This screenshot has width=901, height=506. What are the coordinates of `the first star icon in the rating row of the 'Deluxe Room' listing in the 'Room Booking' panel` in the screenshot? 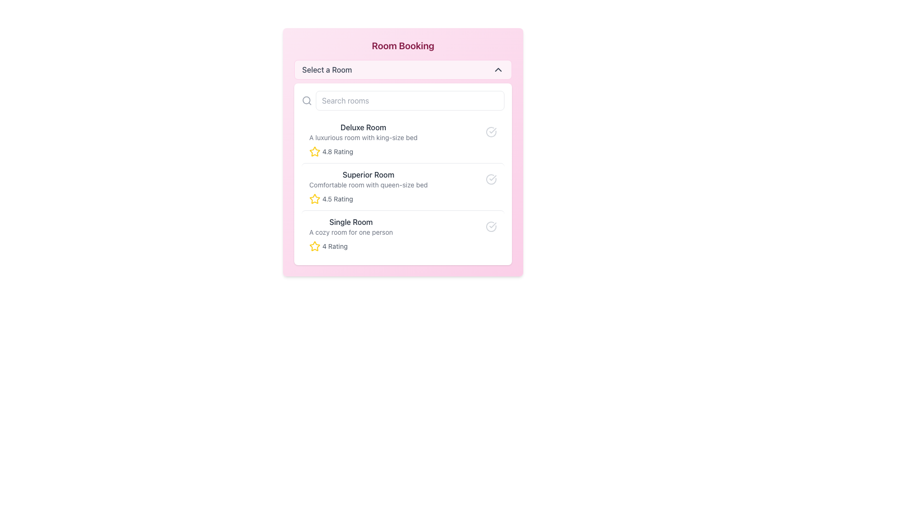 It's located at (315, 151).